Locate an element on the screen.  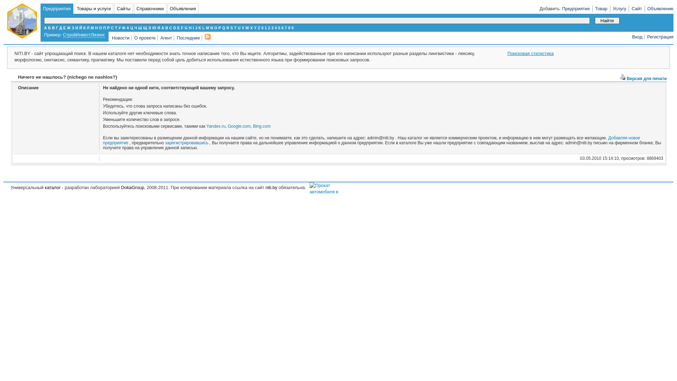
'1' is located at coordinates (265, 27).